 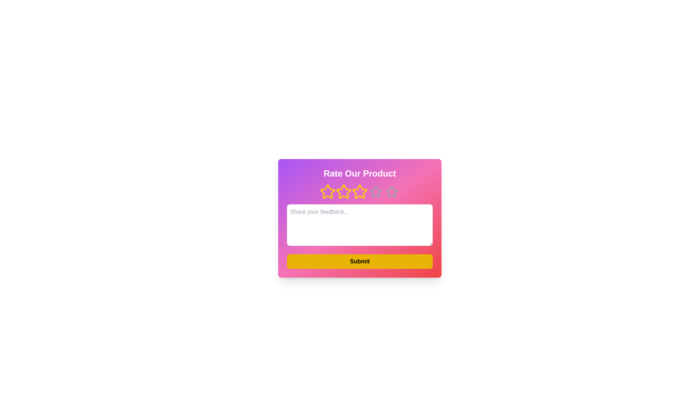 What do you see at coordinates (360, 191) in the screenshot?
I see `the third yellow star icon in the rating system` at bounding box center [360, 191].